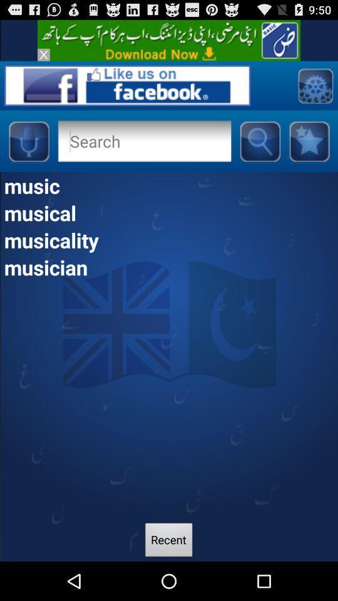 Image resolution: width=338 pixels, height=601 pixels. What do you see at coordinates (29, 141) in the screenshot?
I see `mic button left to search bar` at bounding box center [29, 141].